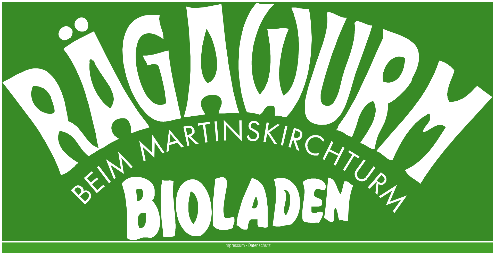  Describe the element at coordinates (224, 245) in the screenshot. I see `'Impressum'` at that location.